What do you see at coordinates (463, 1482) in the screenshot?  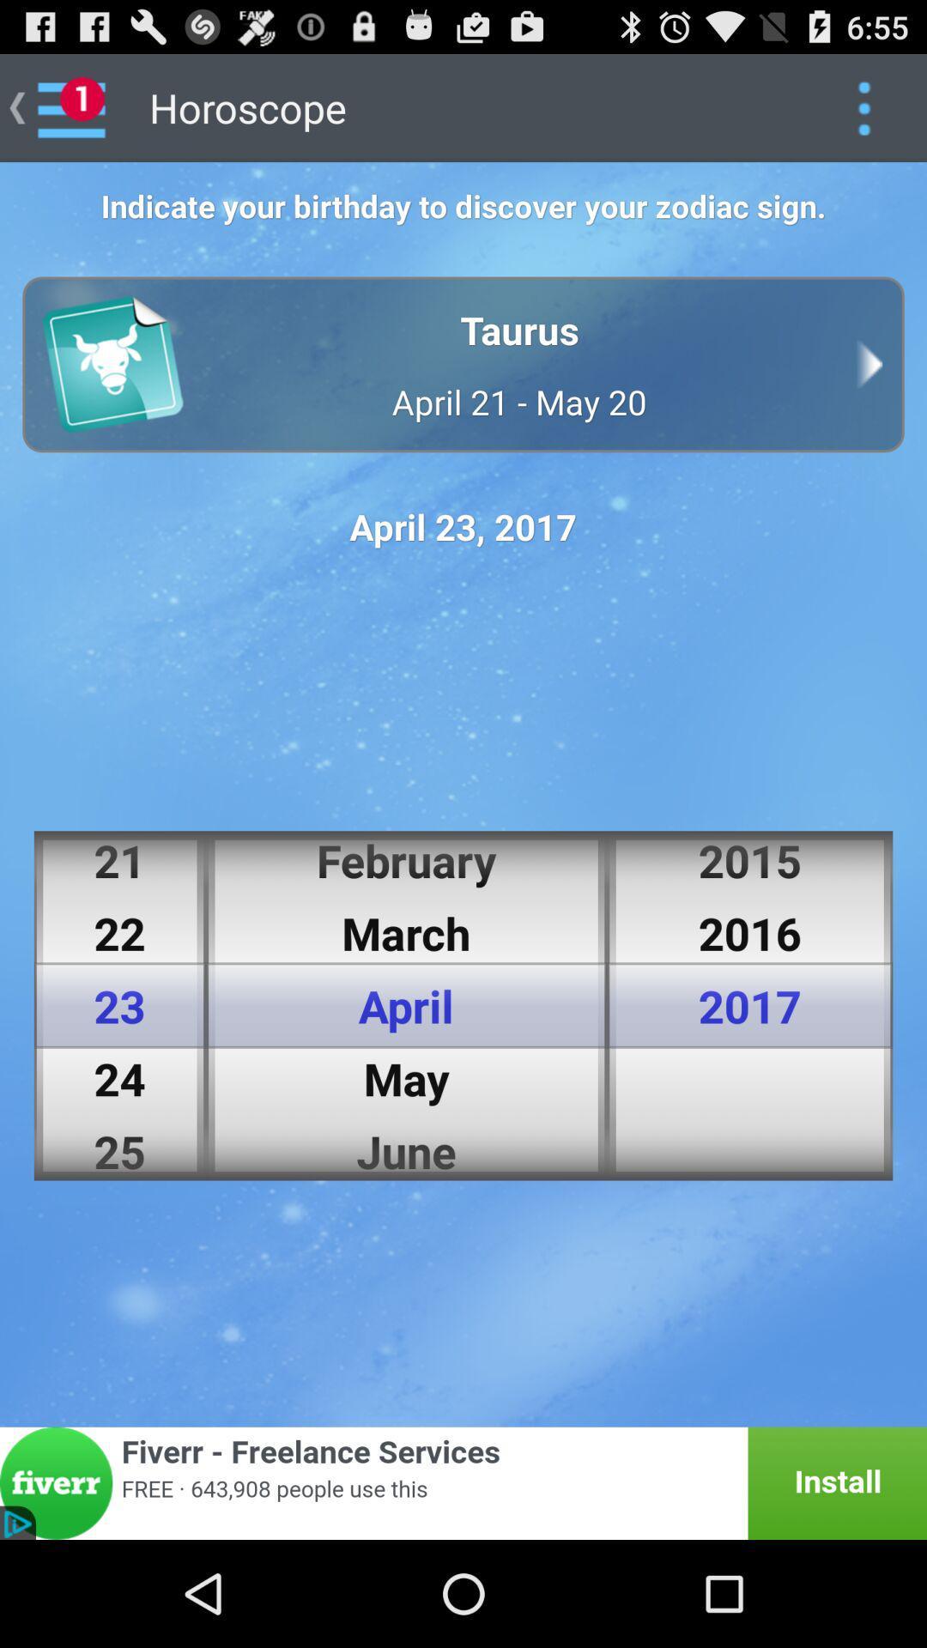 I see `the icon at the bottom` at bounding box center [463, 1482].